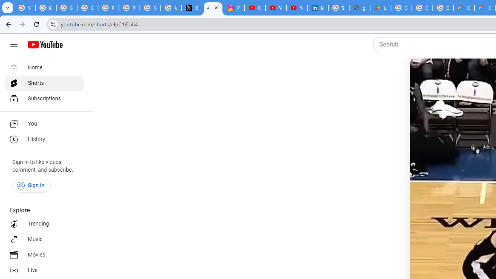 Image resolution: width=496 pixels, height=279 pixels. What do you see at coordinates (43, 255) in the screenshot?
I see `'Movies'` at bounding box center [43, 255].